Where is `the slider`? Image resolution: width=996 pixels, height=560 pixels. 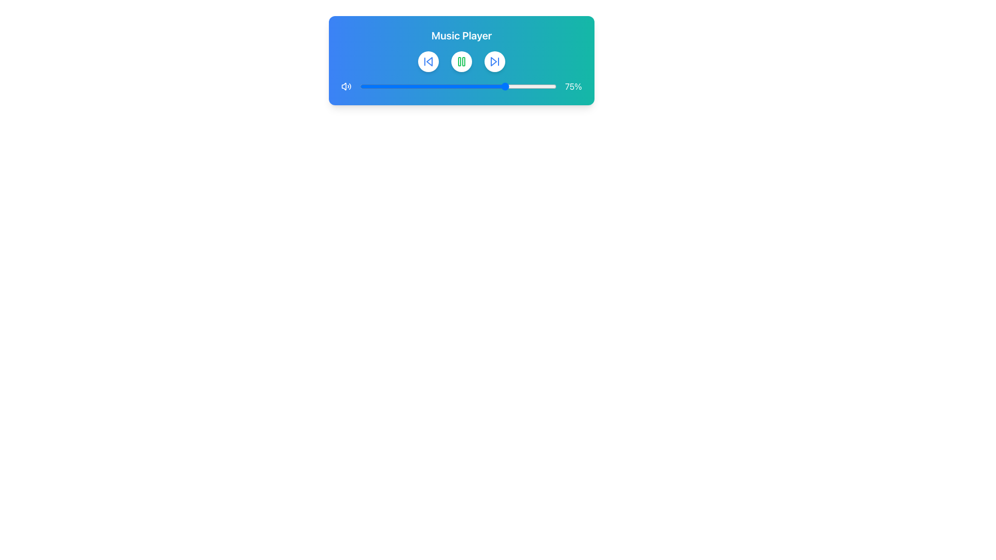 the slider is located at coordinates (371, 86).